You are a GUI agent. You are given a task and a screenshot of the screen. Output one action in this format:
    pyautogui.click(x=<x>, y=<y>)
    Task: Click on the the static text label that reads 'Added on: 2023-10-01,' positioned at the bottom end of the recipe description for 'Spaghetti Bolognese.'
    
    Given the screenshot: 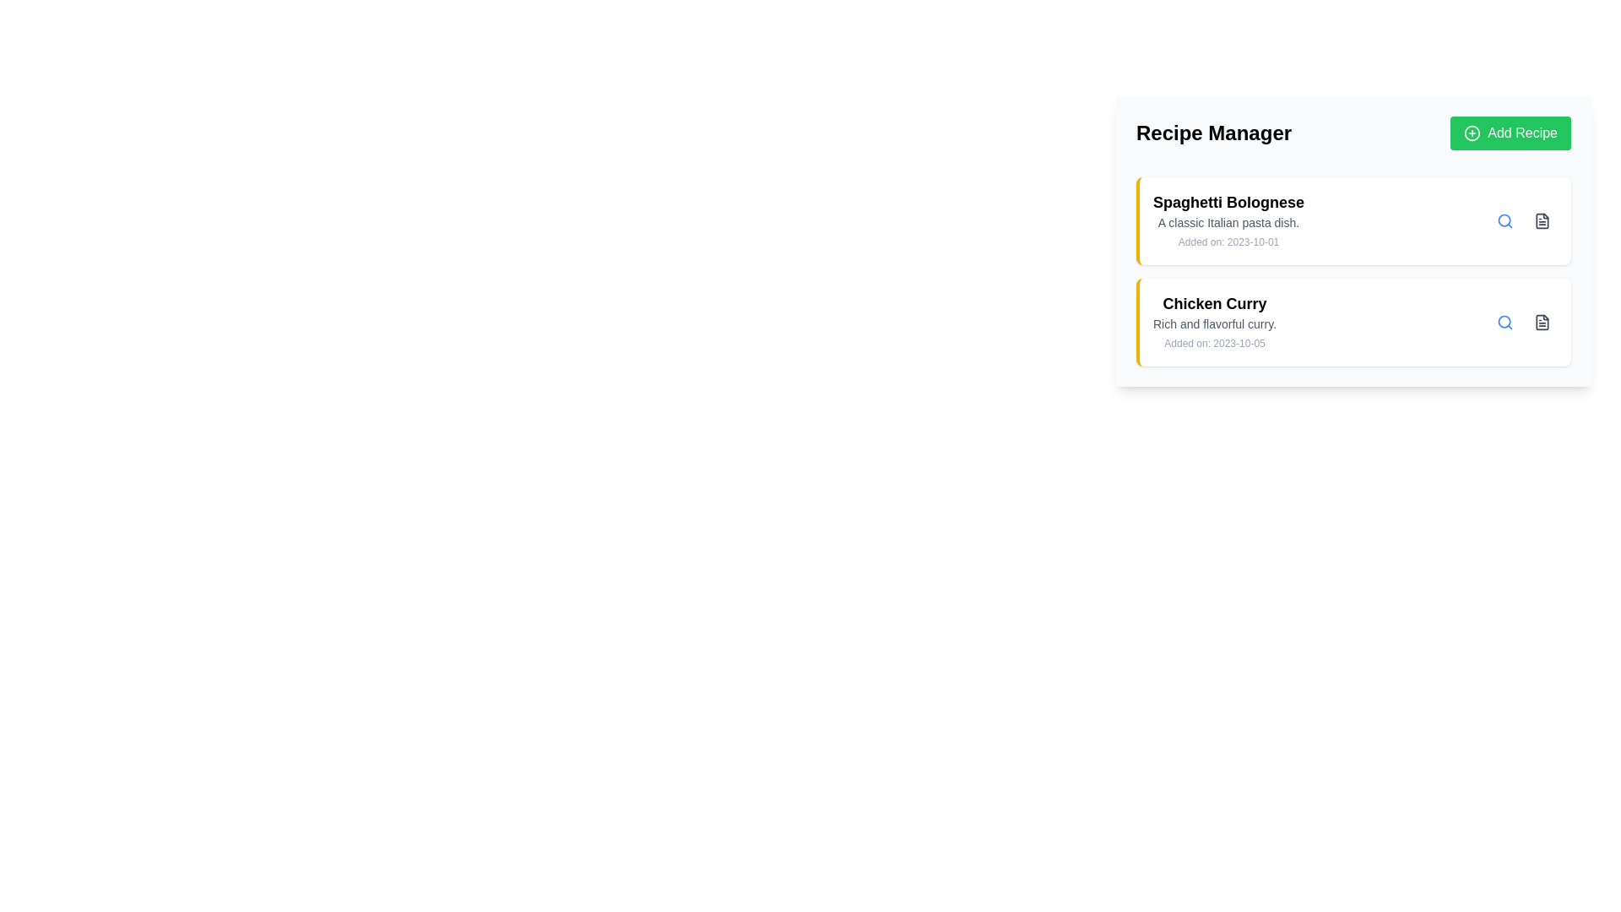 What is the action you would take?
    pyautogui.click(x=1228, y=242)
    